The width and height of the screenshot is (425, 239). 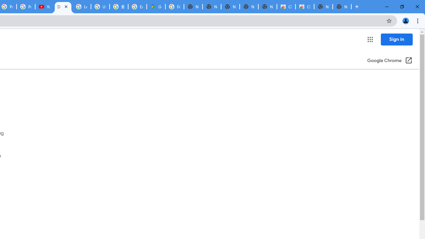 What do you see at coordinates (286, 7) in the screenshot?
I see `'Classic Blue - Chrome Web Store'` at bounding box center [286, 7].